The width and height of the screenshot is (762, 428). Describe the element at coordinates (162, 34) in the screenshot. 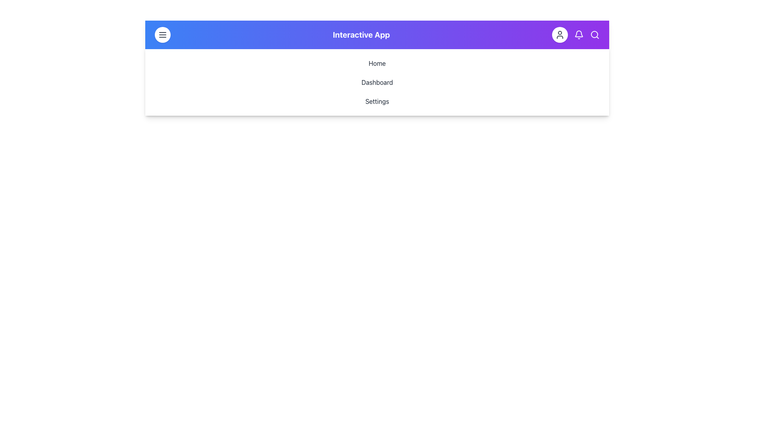

I see `the circular white menu button located at the upper-left corner of the application interface` at that location.